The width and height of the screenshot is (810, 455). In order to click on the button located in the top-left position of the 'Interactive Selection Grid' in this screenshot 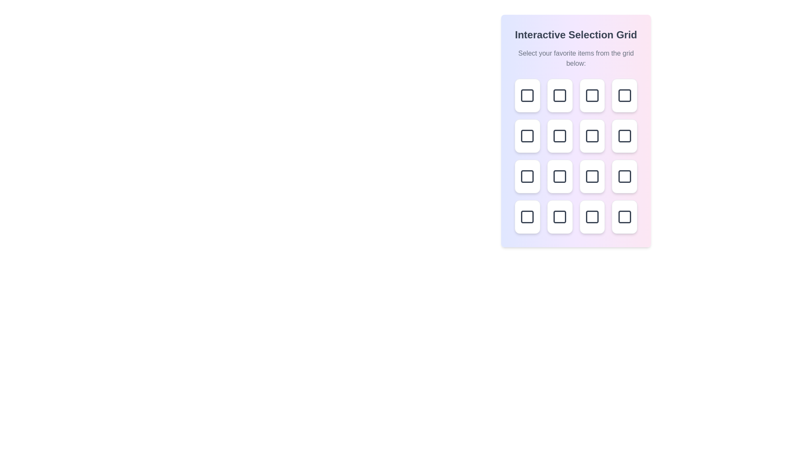, I will do `click(526, 95)`.